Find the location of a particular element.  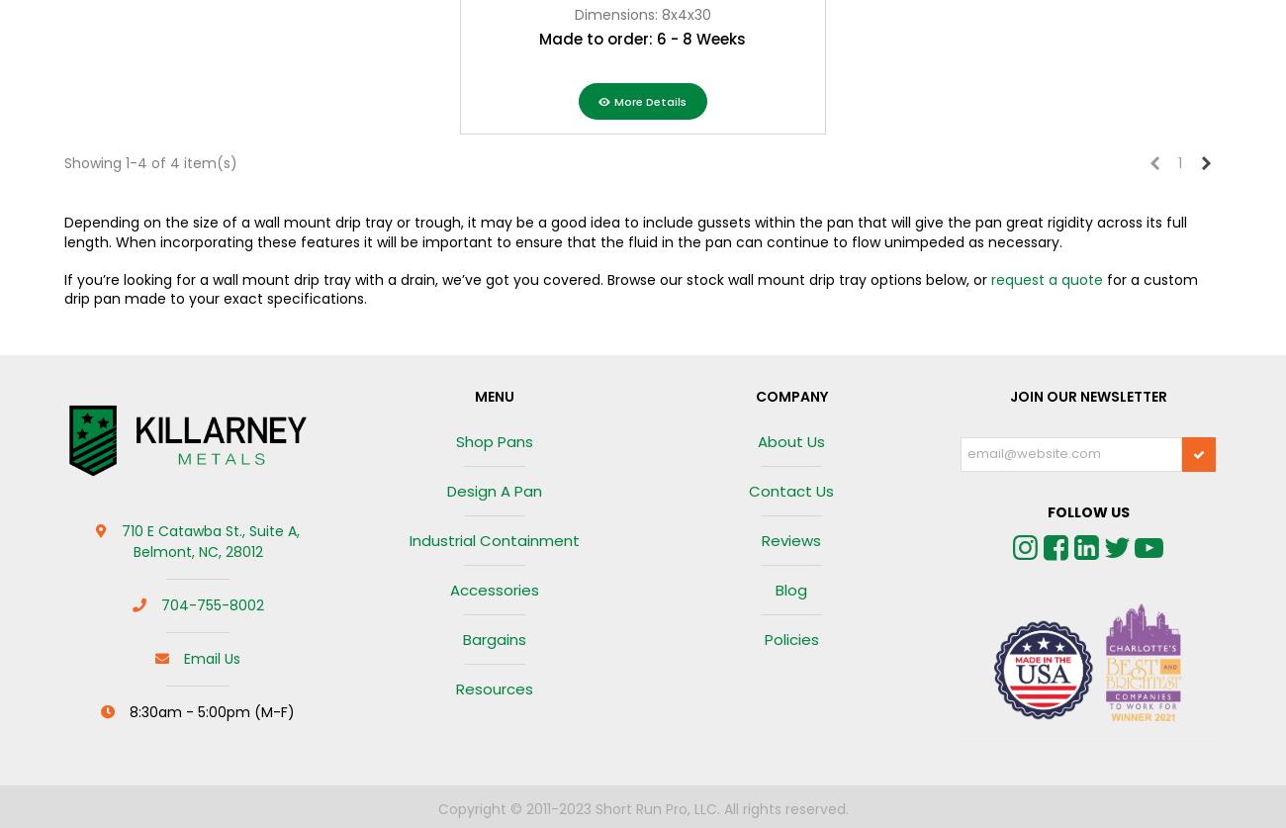

'More Details' is located at coordinates (649, 101).